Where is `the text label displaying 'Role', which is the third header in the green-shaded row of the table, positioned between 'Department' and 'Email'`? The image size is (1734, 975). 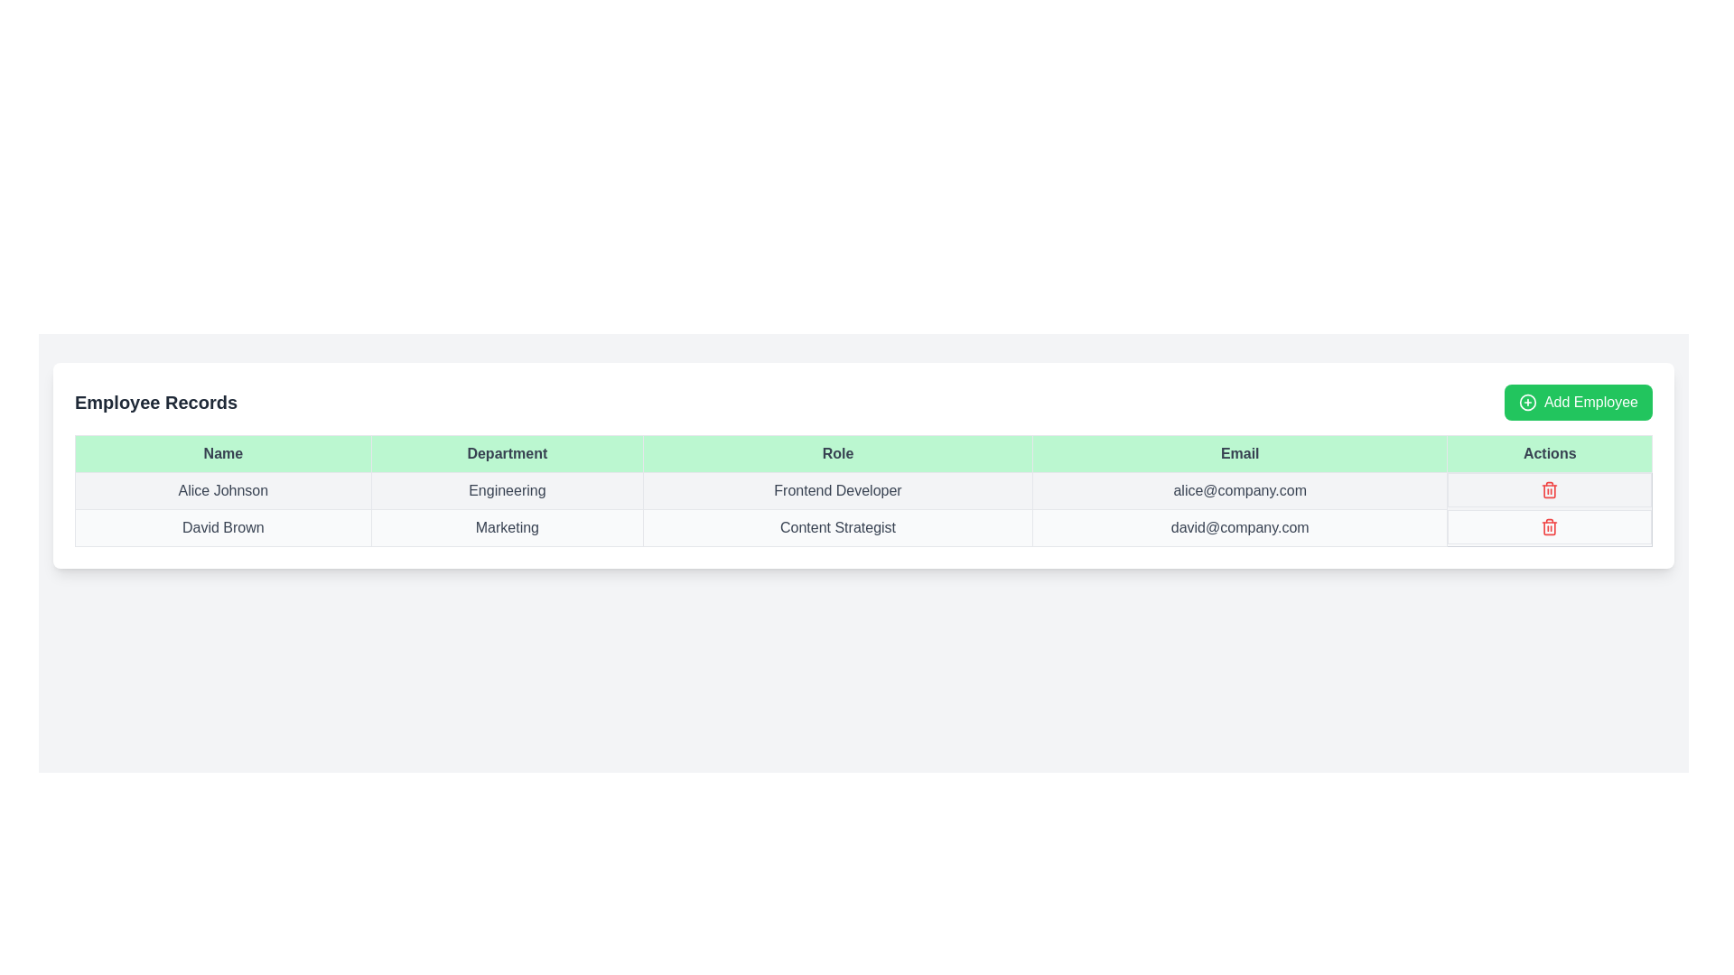 the text label displaying 'Role', which is the third header in the green-shaded row of the table, positioned between 'Department' and 'Email' is located at coordinates (836, 452).